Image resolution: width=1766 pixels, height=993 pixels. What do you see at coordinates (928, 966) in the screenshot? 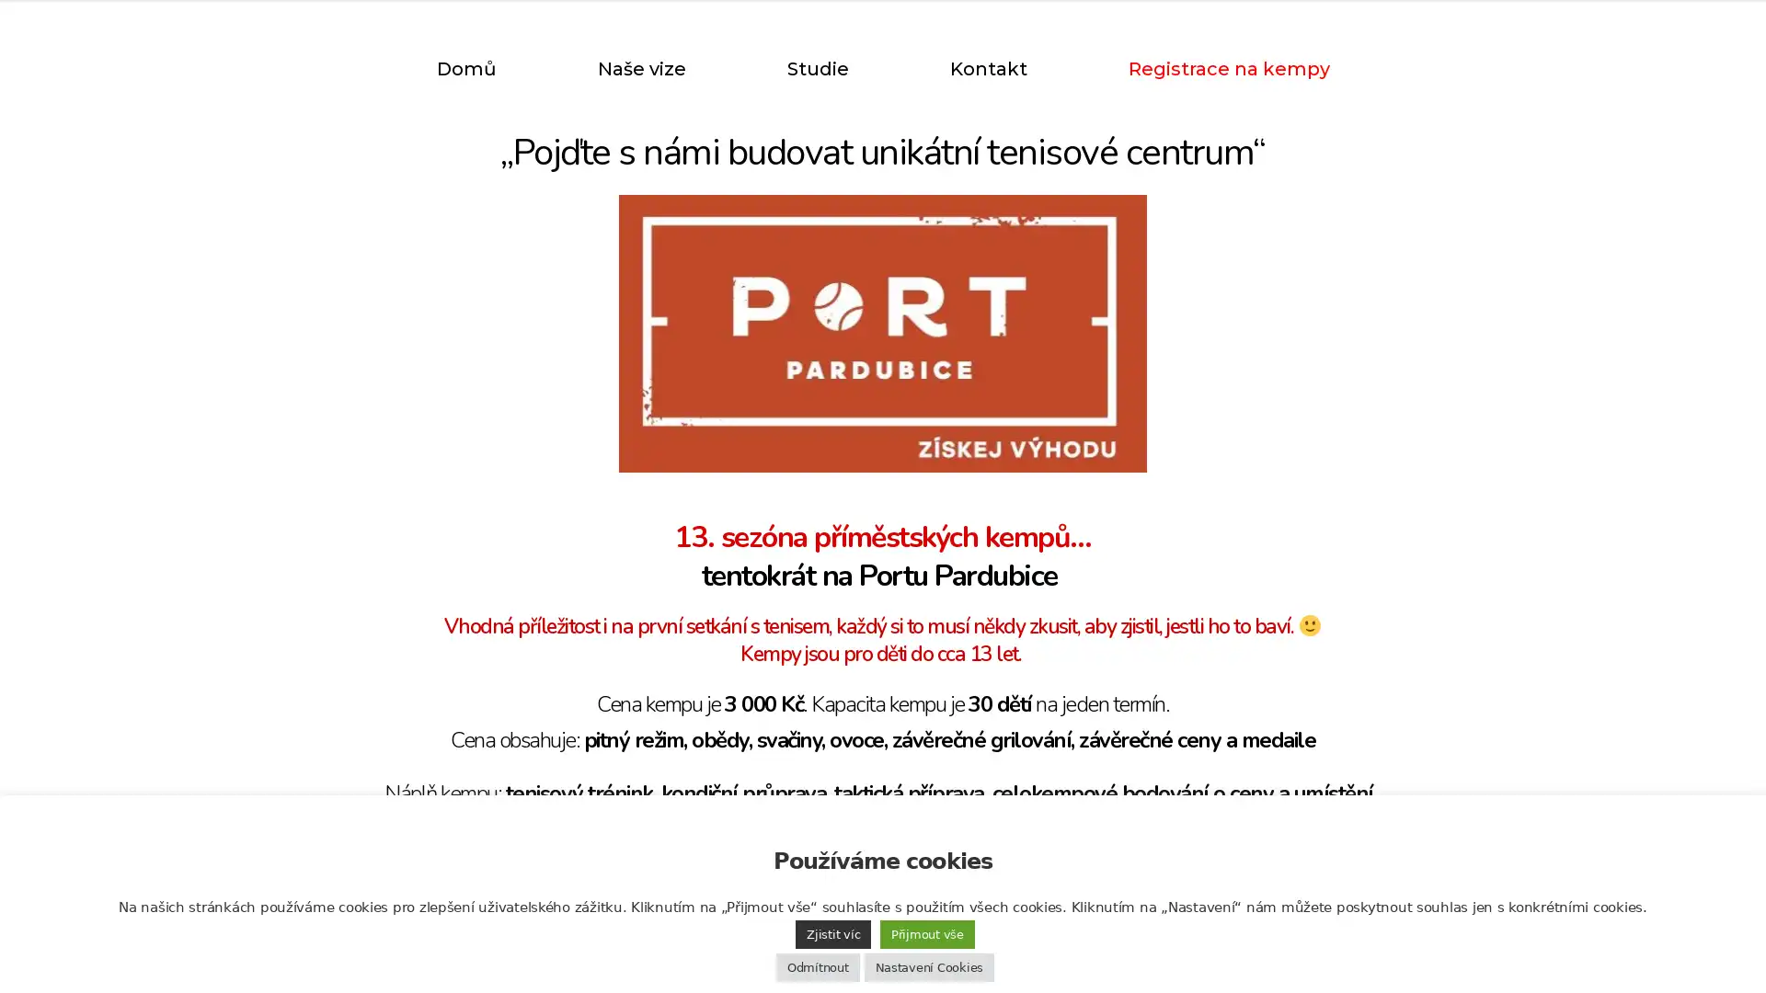
I see `Nastaveni Cookies` at bounding box center [928, 966].